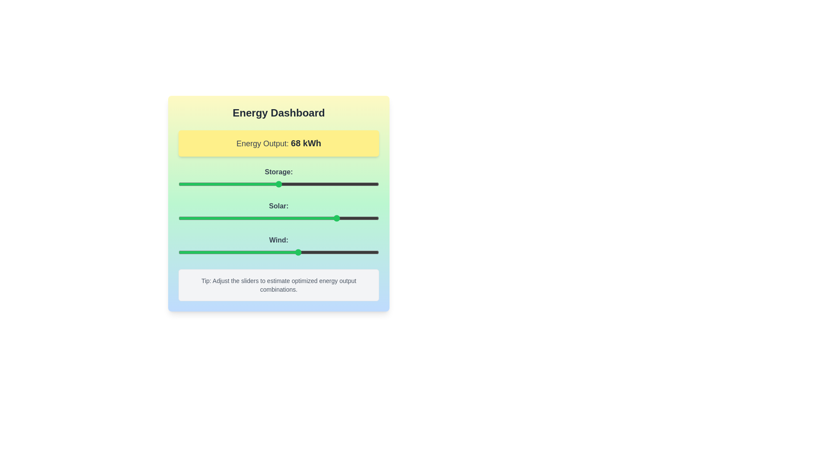  Describe the element at coordinates (223, 217) in the screenshot. I see `the 'Solar' slider to 22%` at that location.